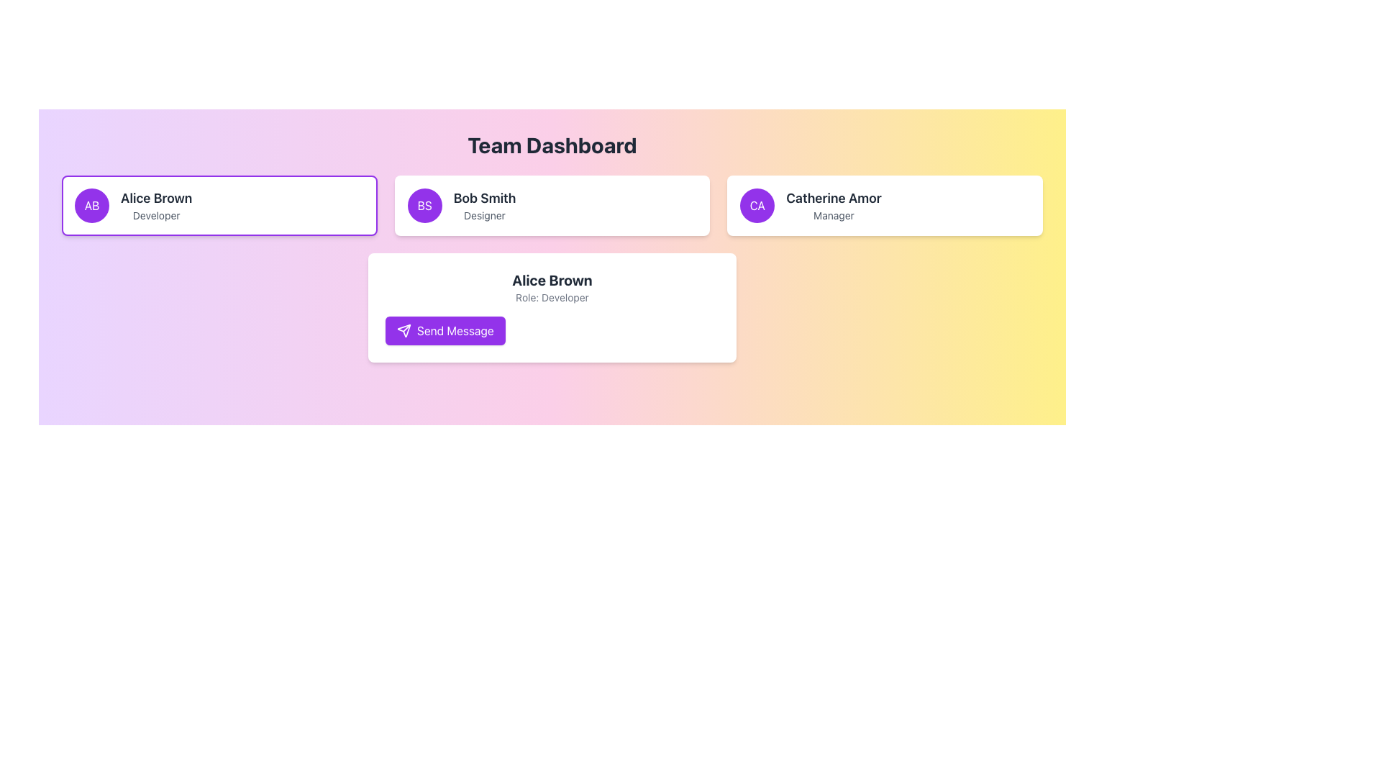 This screenshot has width=1381, height=777. I want to click on the Avatar or Profile Icon representing user 'Bob Smith' in the 'Team Dashboard' section, so click(424, 205).